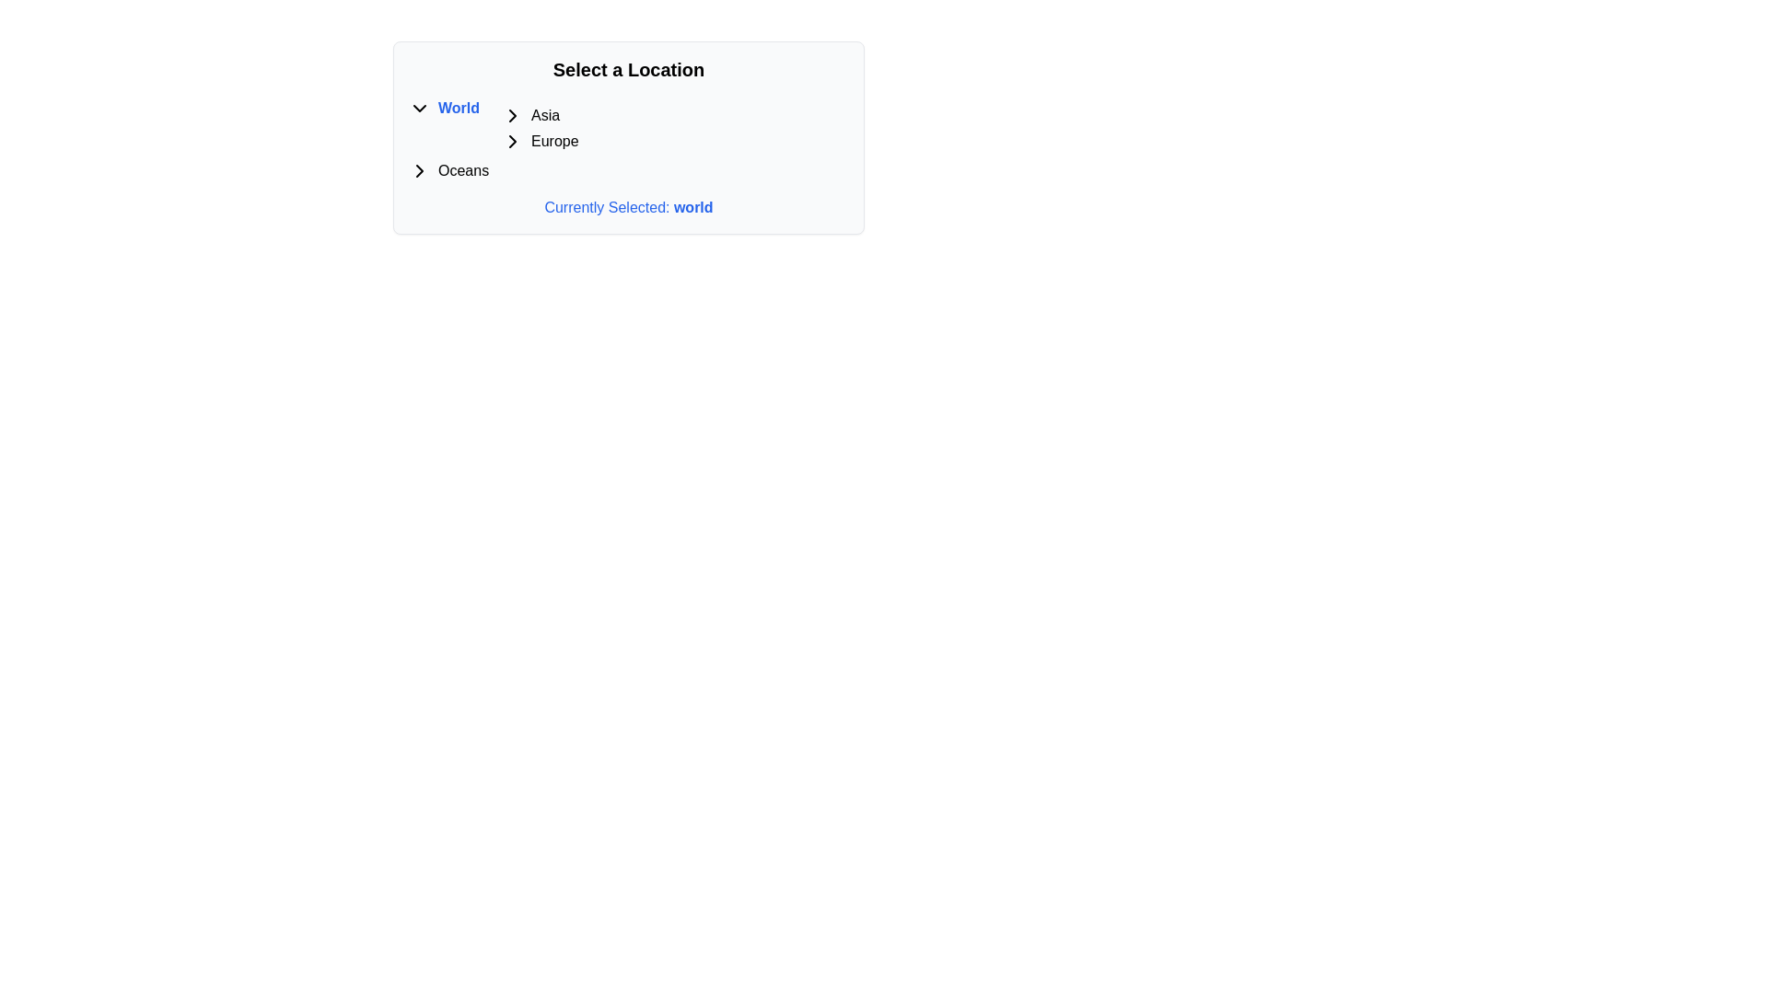 This screenshot has width=1768, height=994. I want to click on the text display indicating the current selection, which reads 'Currently Selected: world', so click(692, 207).